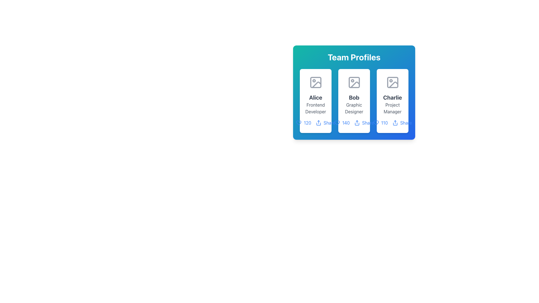 Image resolution: width=539 pixels, height=303 pixels. I want to click on the blue outlined share icon with an upward arrow located at the bottom-center of the second card labeled 'Bob' in the 'Team Profiles' section, so click(357, 123).